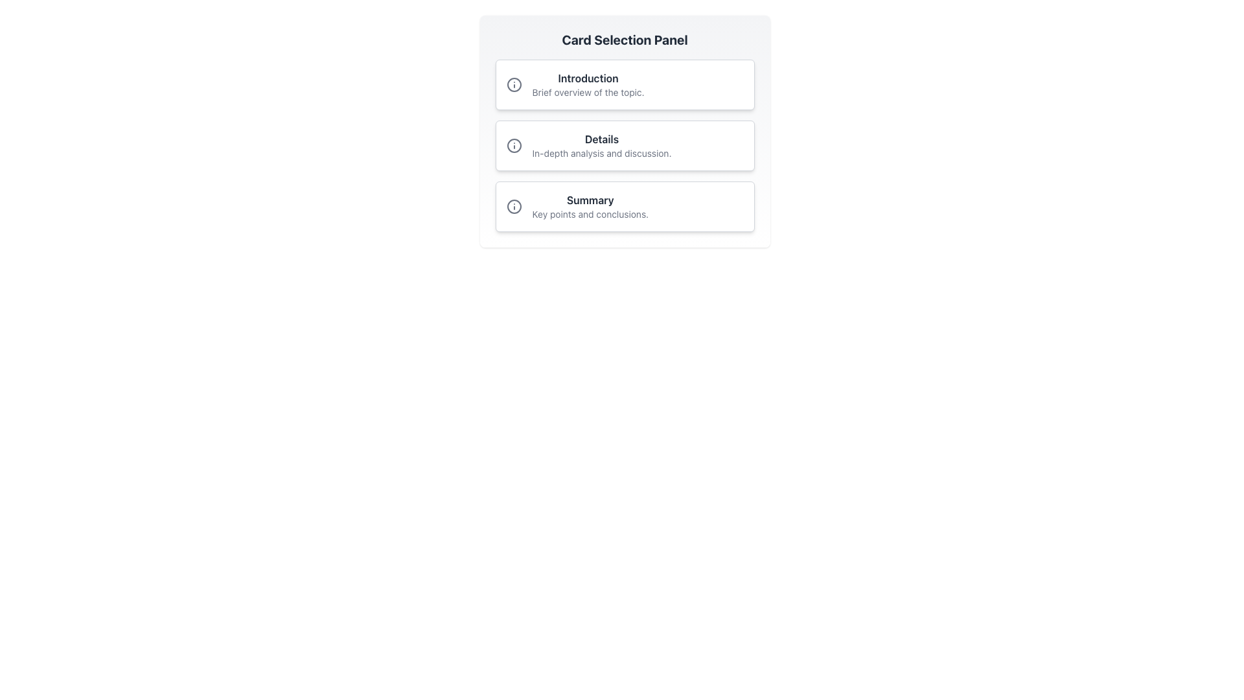  I want to click on the 'Details' card in the Card Selection Panel, which features bold text and a description, so click(601, 145).